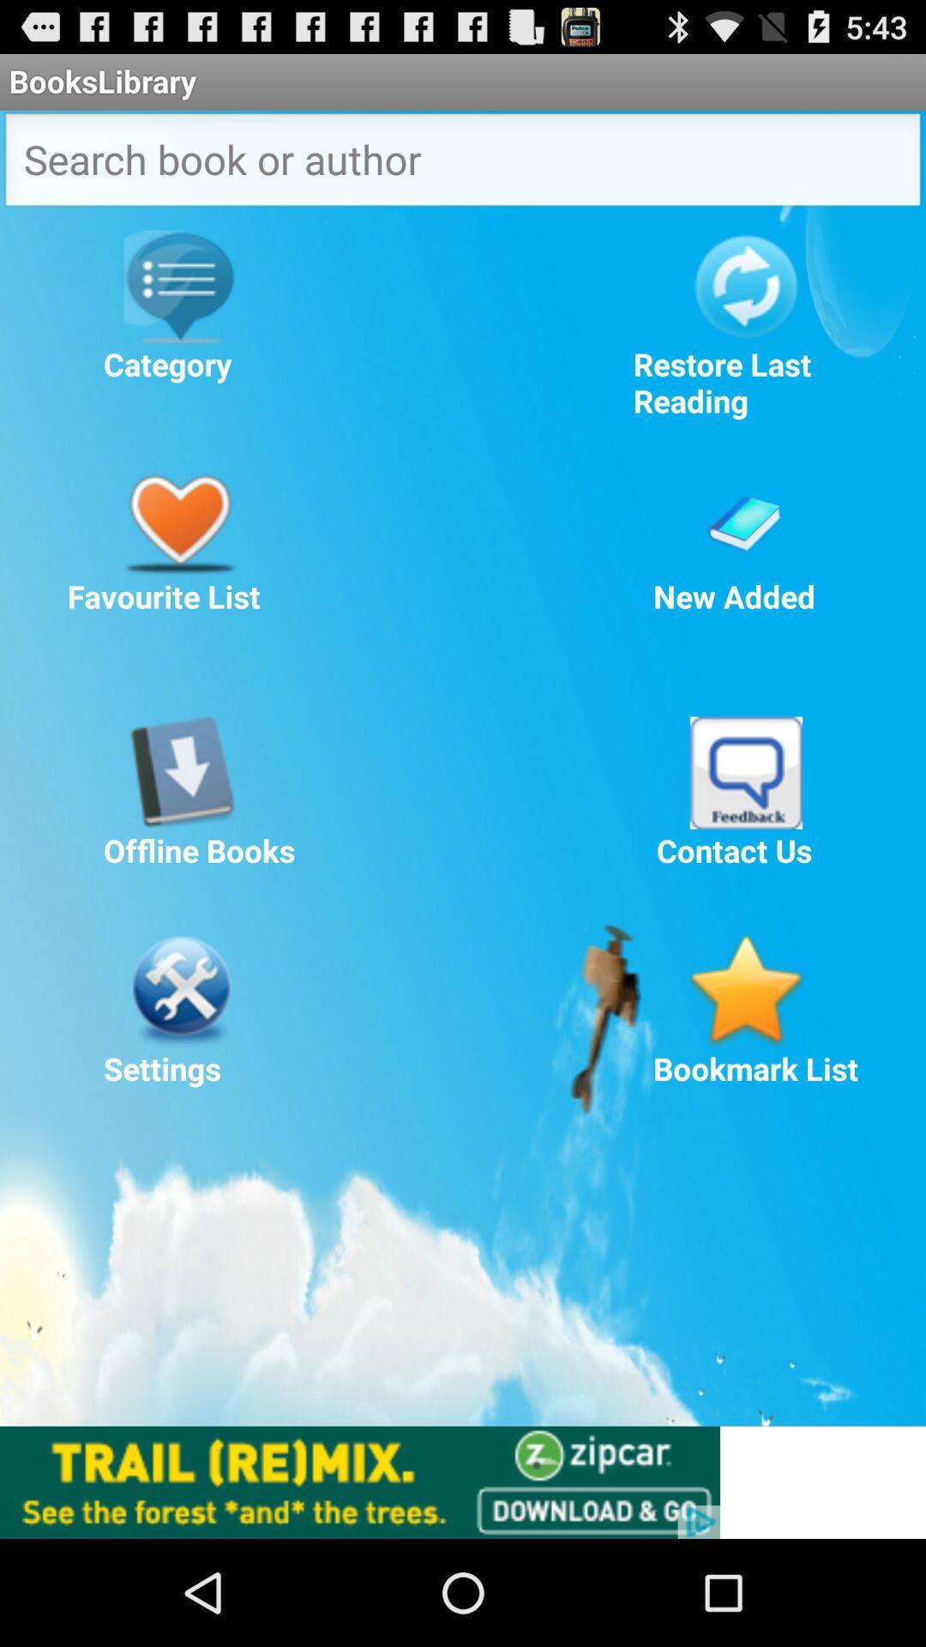 This screenshot has height=1647, width=926. I want to click on open app, so click(745, 772).